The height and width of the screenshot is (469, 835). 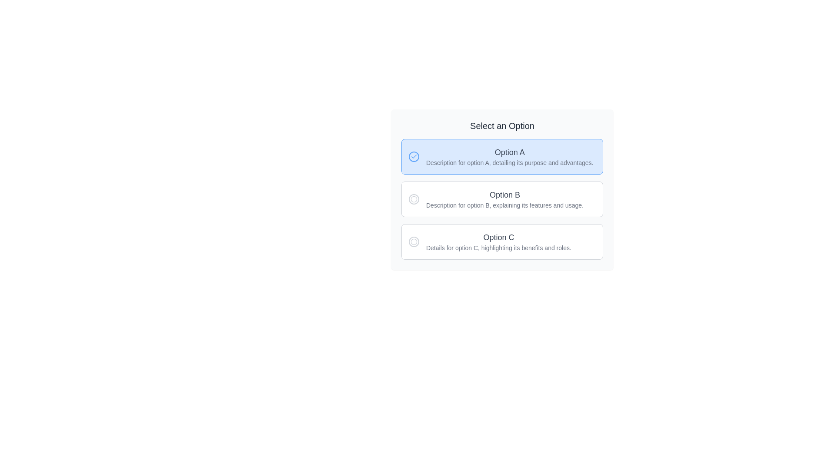 I want to click on the 'Option A' text label, which serves as the title for the first selectable option in the list, so click(x=510, y=152).